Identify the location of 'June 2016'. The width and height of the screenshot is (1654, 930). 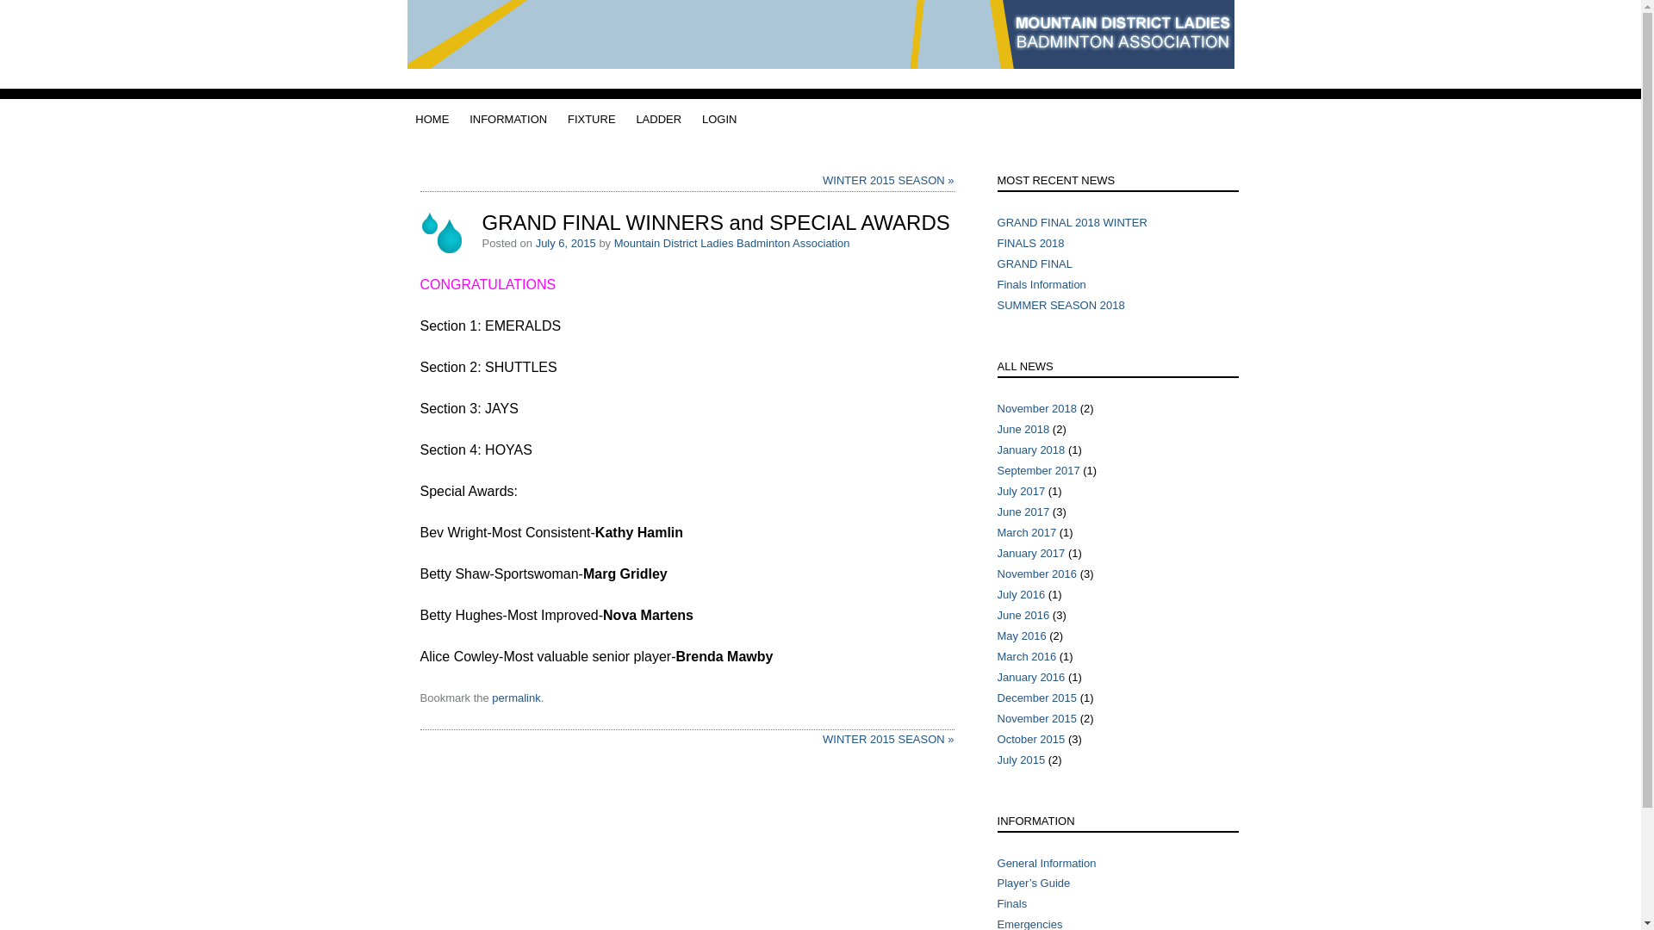
(1023, 614).